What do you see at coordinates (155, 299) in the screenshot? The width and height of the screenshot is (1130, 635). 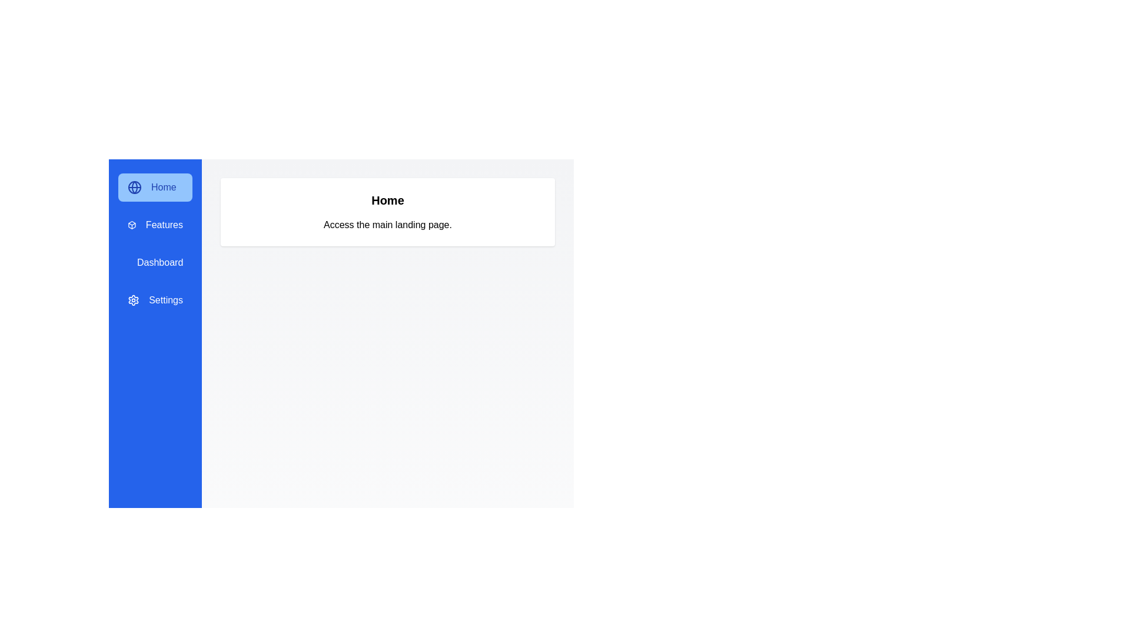 I see `the menu option Settings to display its corresponding content` at bounding box center [155, 299].